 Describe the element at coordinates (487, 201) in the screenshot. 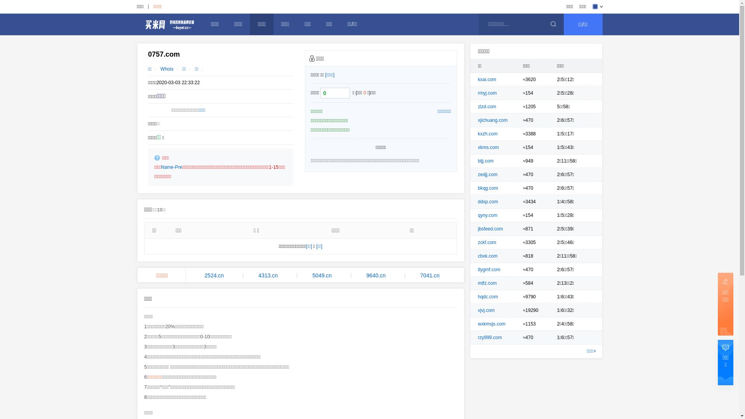

I see `'ddxp.com'` at that location.